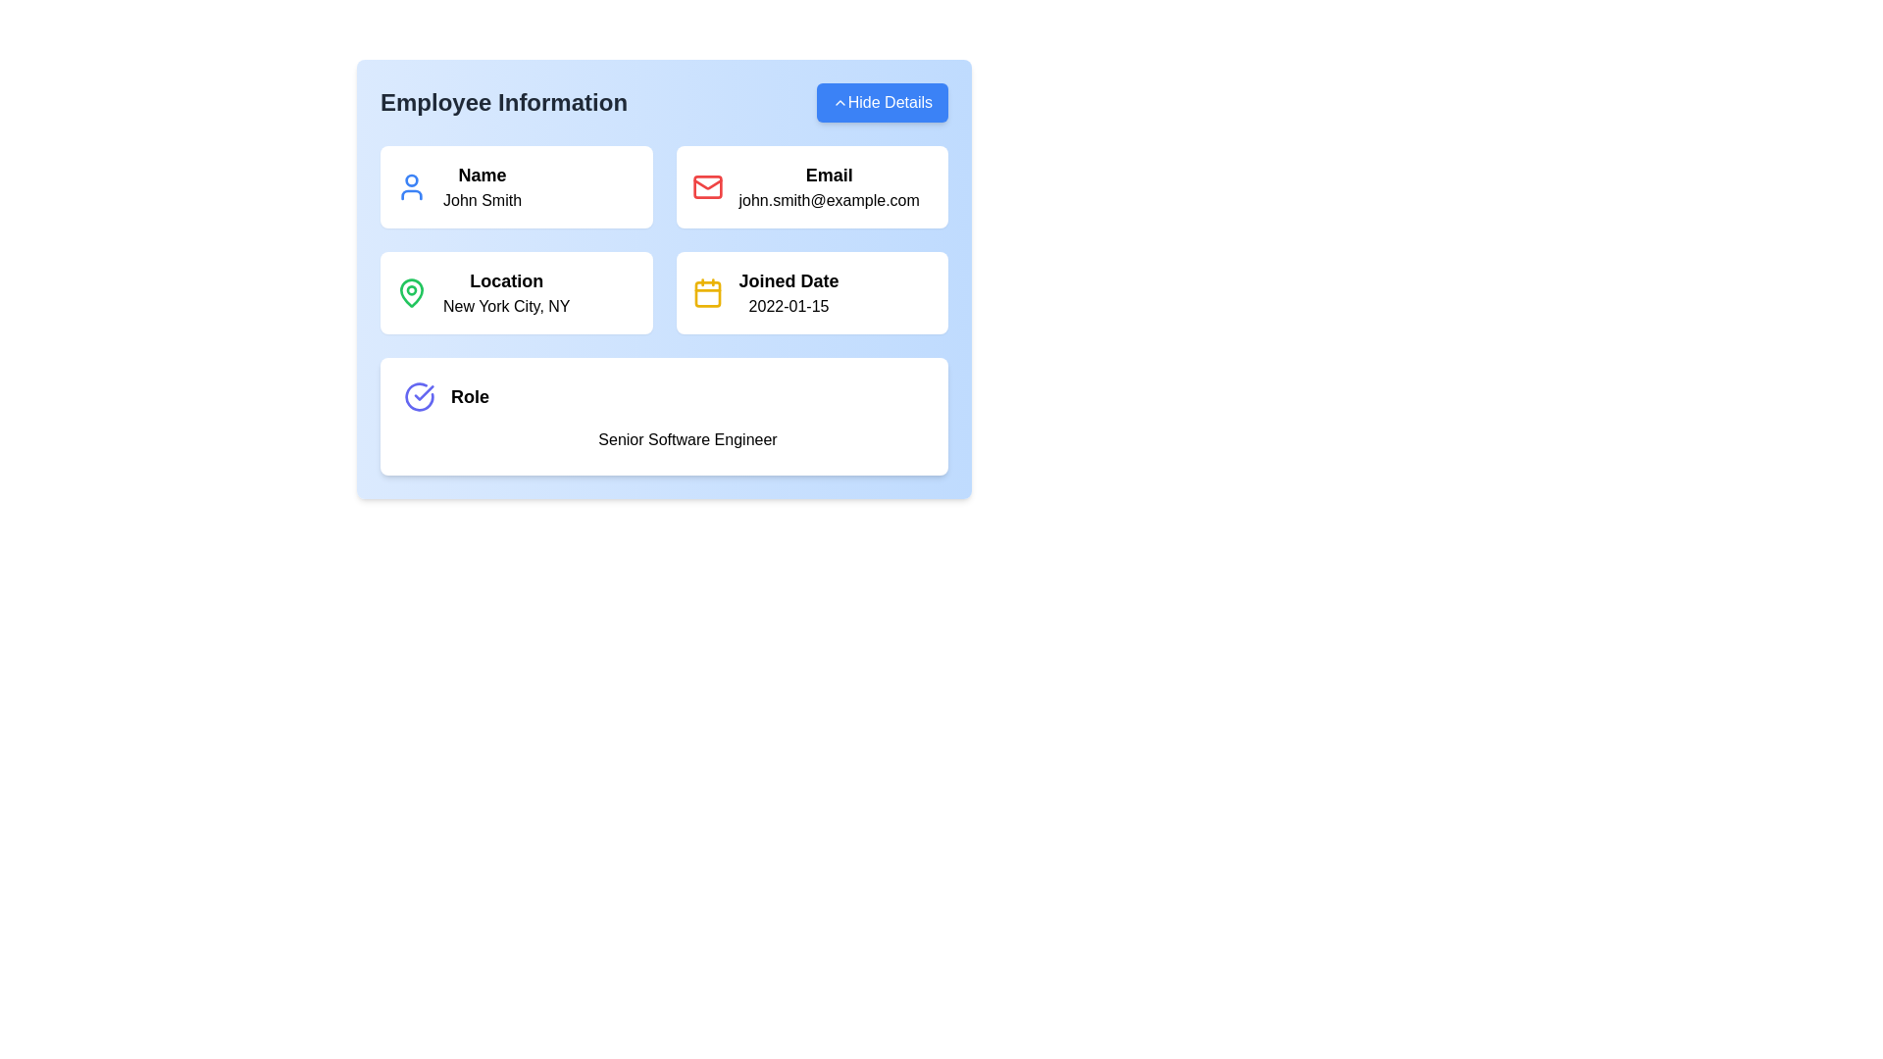 This screenshot has width=1883, height=1059. Describe the element at coordinates (706, 293) in the screenshot. I see `the 'Joined Date' icon, which represents the specific calendar, located in the fourth tile of the grid layout in the 'Employee Information' card` at that location.